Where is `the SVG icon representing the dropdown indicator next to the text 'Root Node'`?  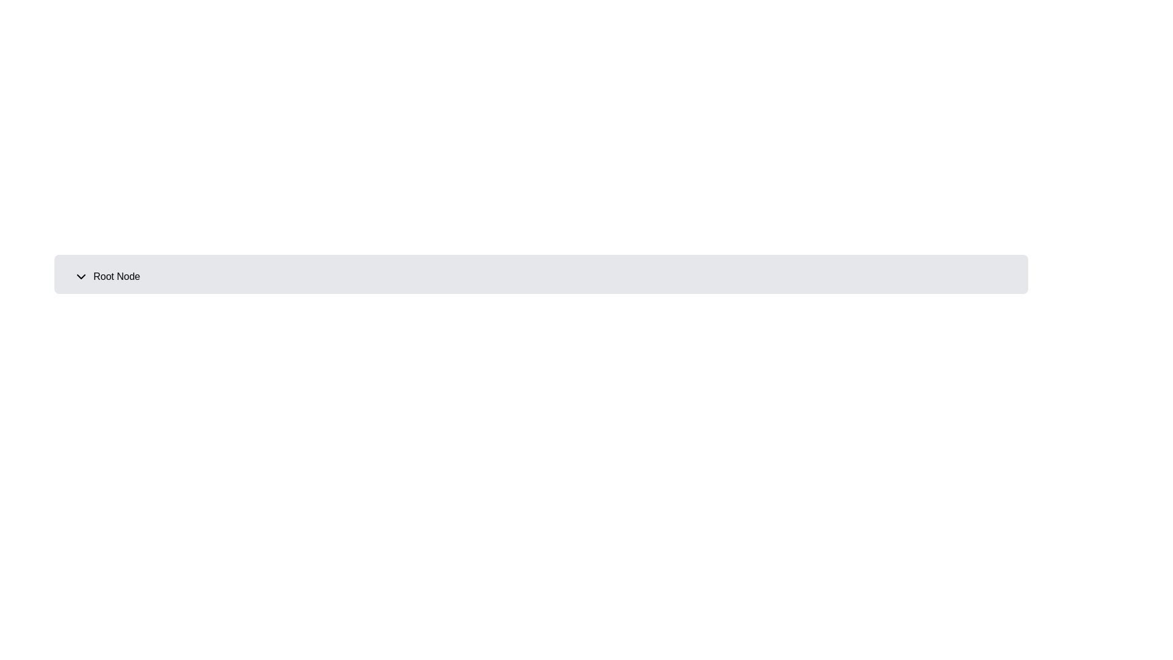 the SVG icon representing the dropdown indicator next to the text 'Root Node' is located at coordinates (81, 276).